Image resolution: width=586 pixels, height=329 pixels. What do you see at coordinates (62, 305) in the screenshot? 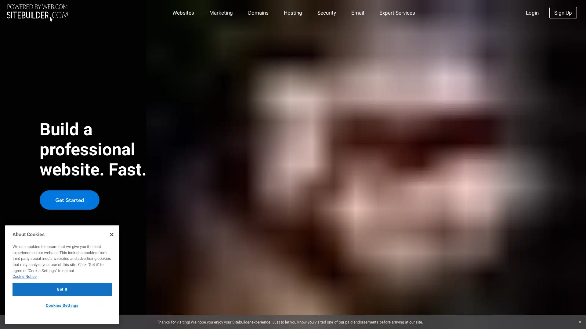
I see `Cookies Settings` at bounding box center [62, 305].